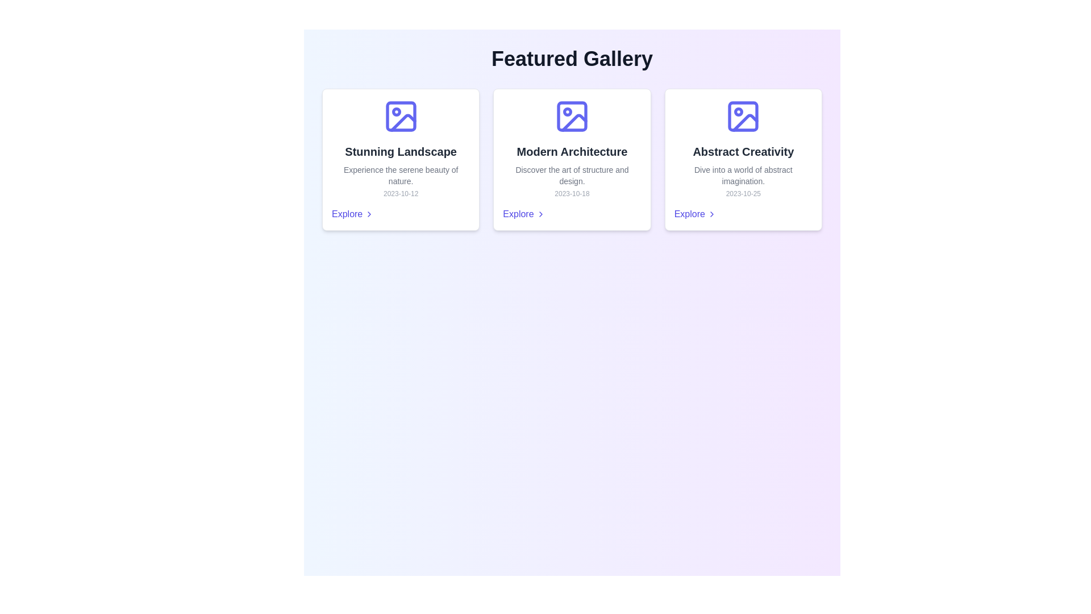 Image resolution: width=1091 pixels, height=614 pixels. Describe the element at coordinates (572, 175) in the screenshot. I see `the static text block providing a description or subtitle for 'Modern Architecture', which is located in the middle card of a three-card row, directly below the title and above the date text` at that location.